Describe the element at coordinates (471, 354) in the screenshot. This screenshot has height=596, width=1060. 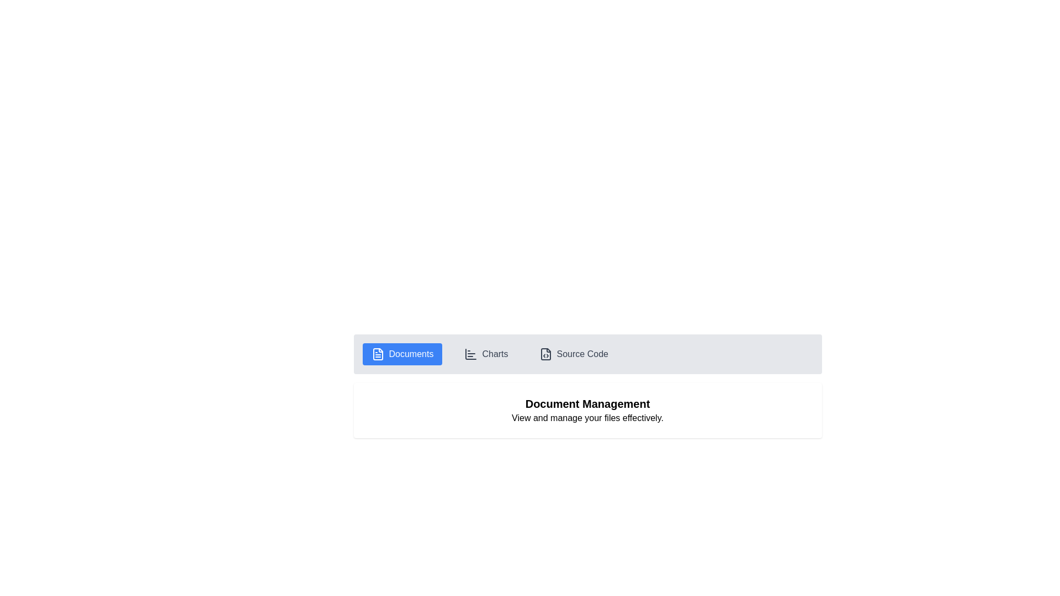
I see `the bar chart icon located inside the 'Charts' button, which is to the left of the text 'Charts' in the top center navigation bar` at that location.